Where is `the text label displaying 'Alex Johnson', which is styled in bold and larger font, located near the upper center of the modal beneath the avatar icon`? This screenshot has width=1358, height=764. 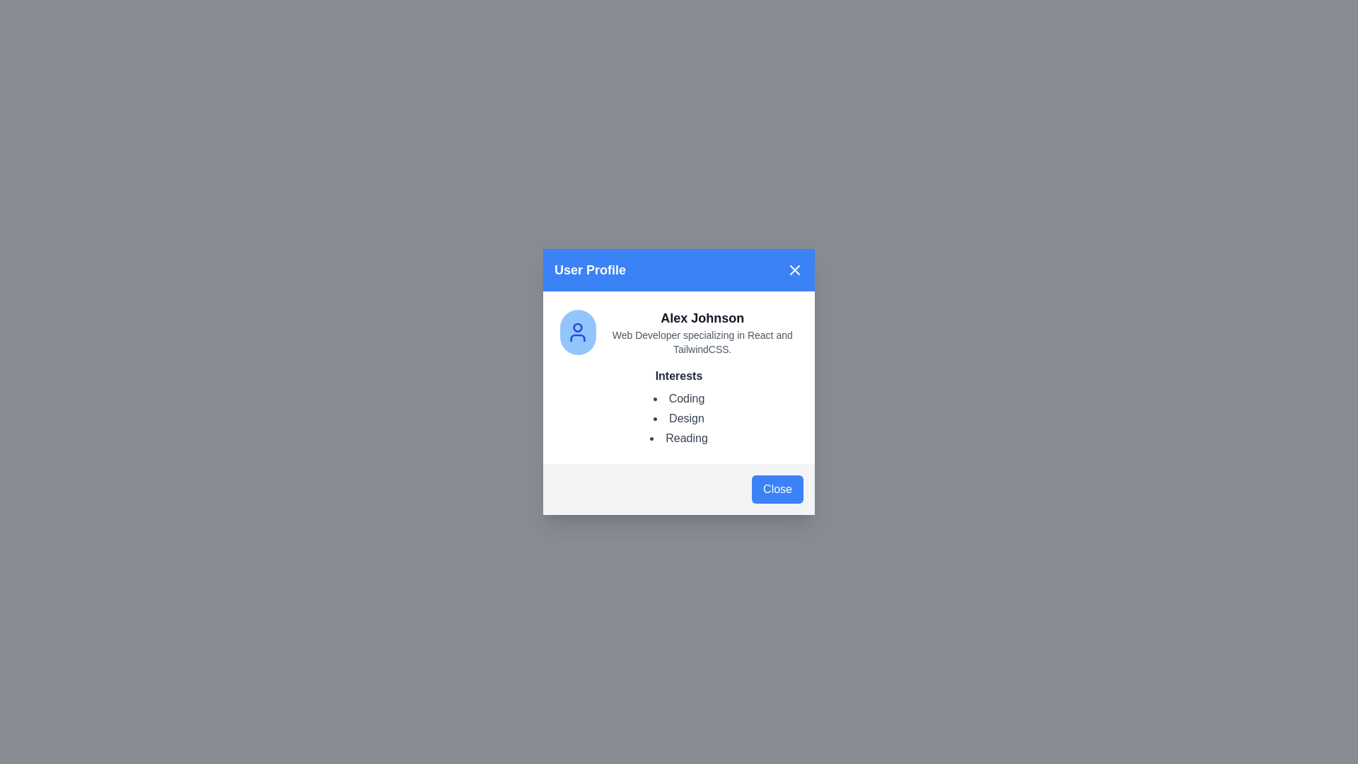
the text label displaying 'Alex Johnson', which is styled in bold and larger font, located near the upper center of the modal beneath the avatar icon is located at coordinates (702, 318).